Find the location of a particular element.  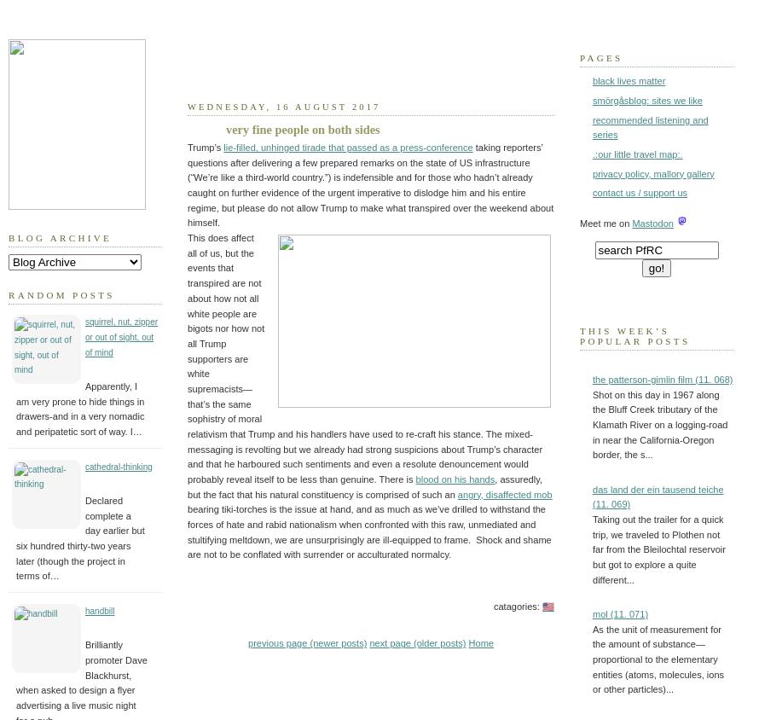

'Home' is located at coordinates (479, 643).